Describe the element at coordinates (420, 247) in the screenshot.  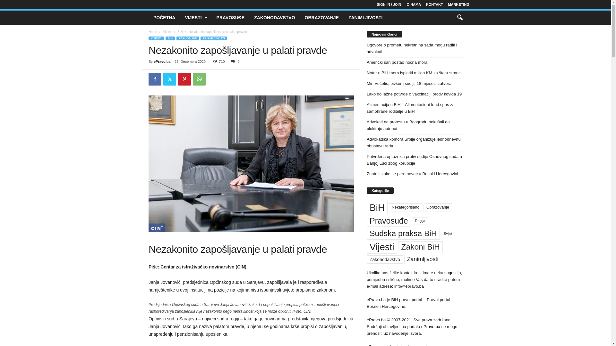
I see `'Zakoni BiH'` at that location.